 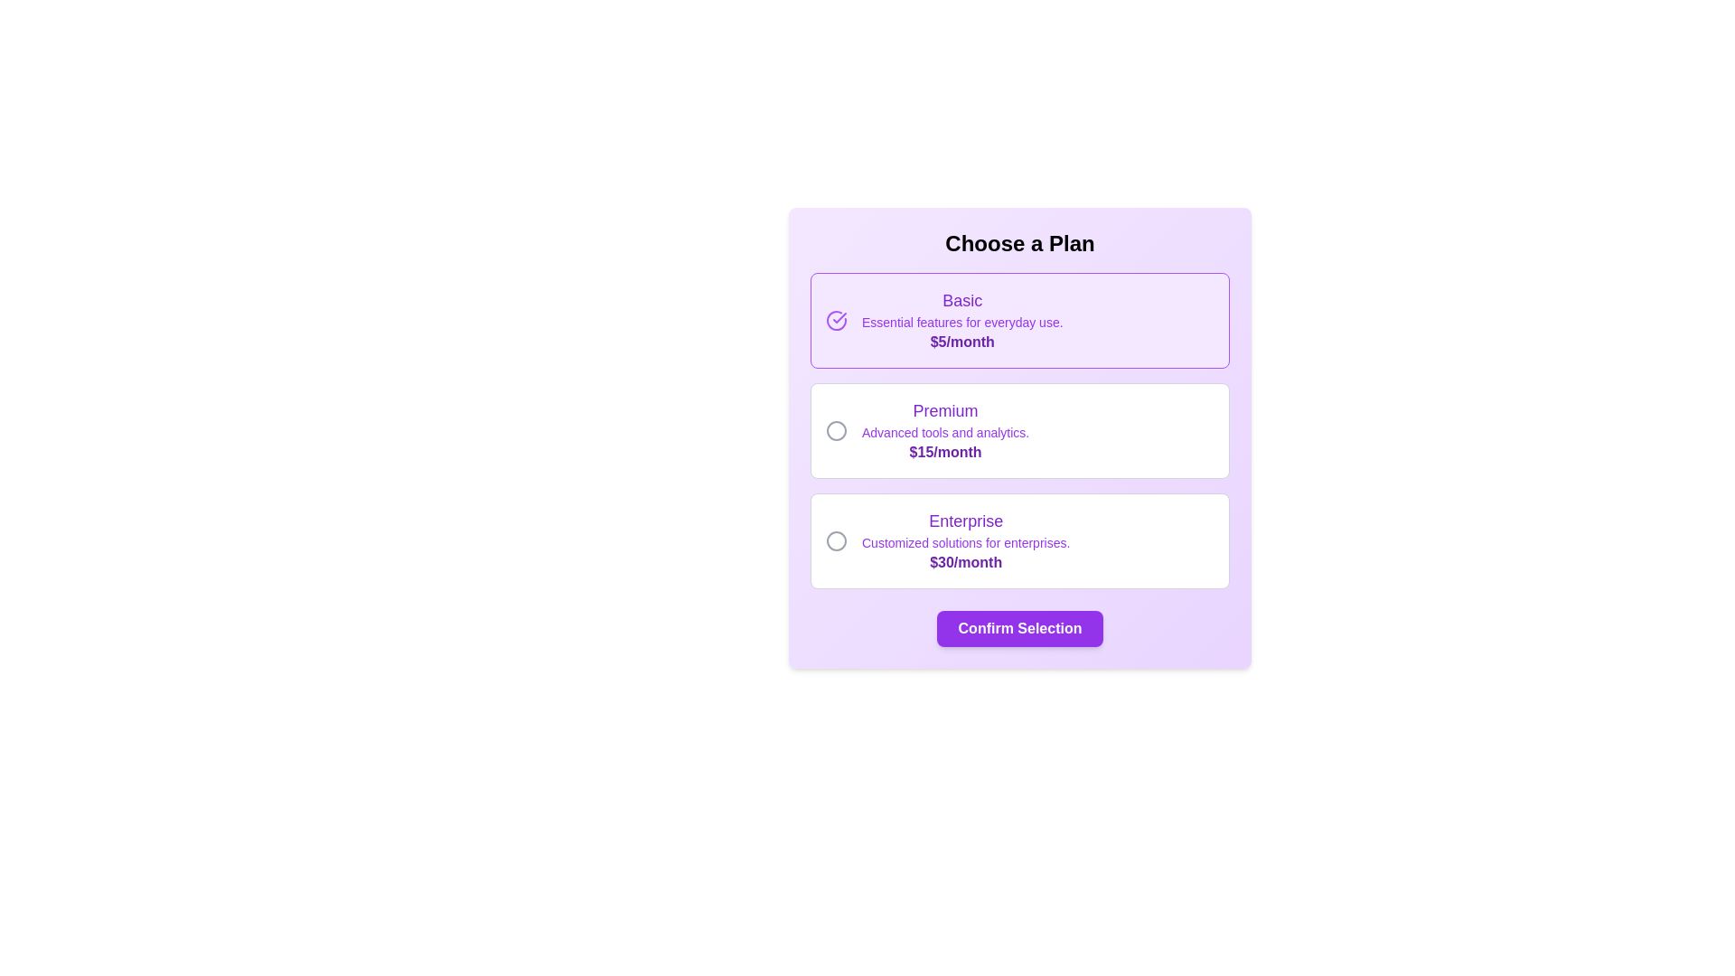 I want to click on the static text element displaying 'Advanced tools and analytics.' which is located below the 'Premium' title and above the '$15/month' text, so click(x=944, y=432).